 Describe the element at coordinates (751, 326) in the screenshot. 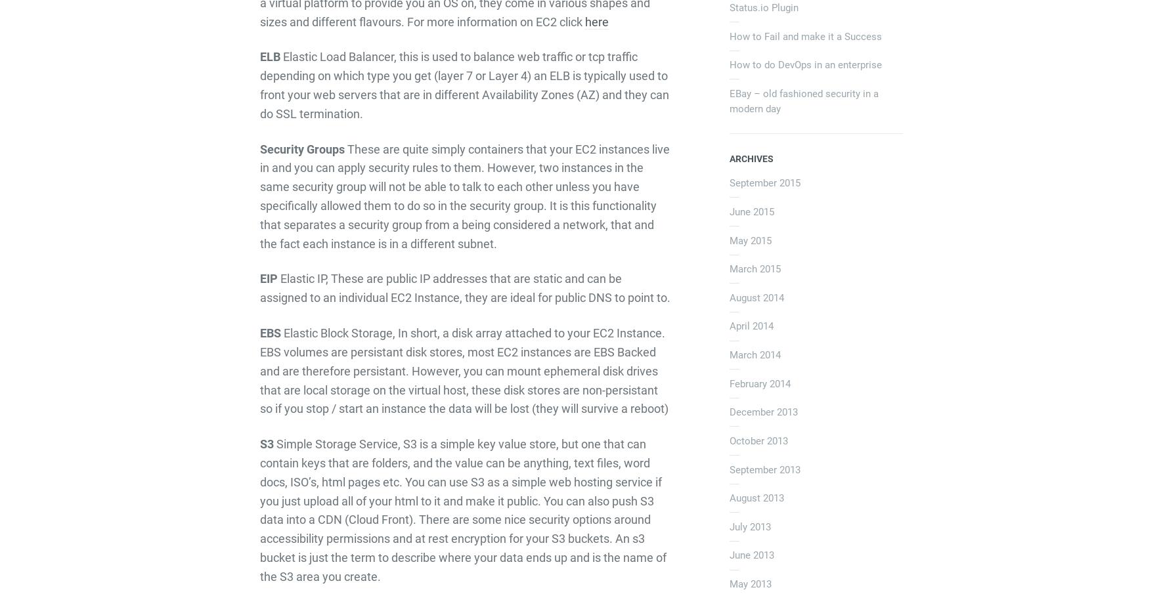

I see `'April 2014'` at that location.